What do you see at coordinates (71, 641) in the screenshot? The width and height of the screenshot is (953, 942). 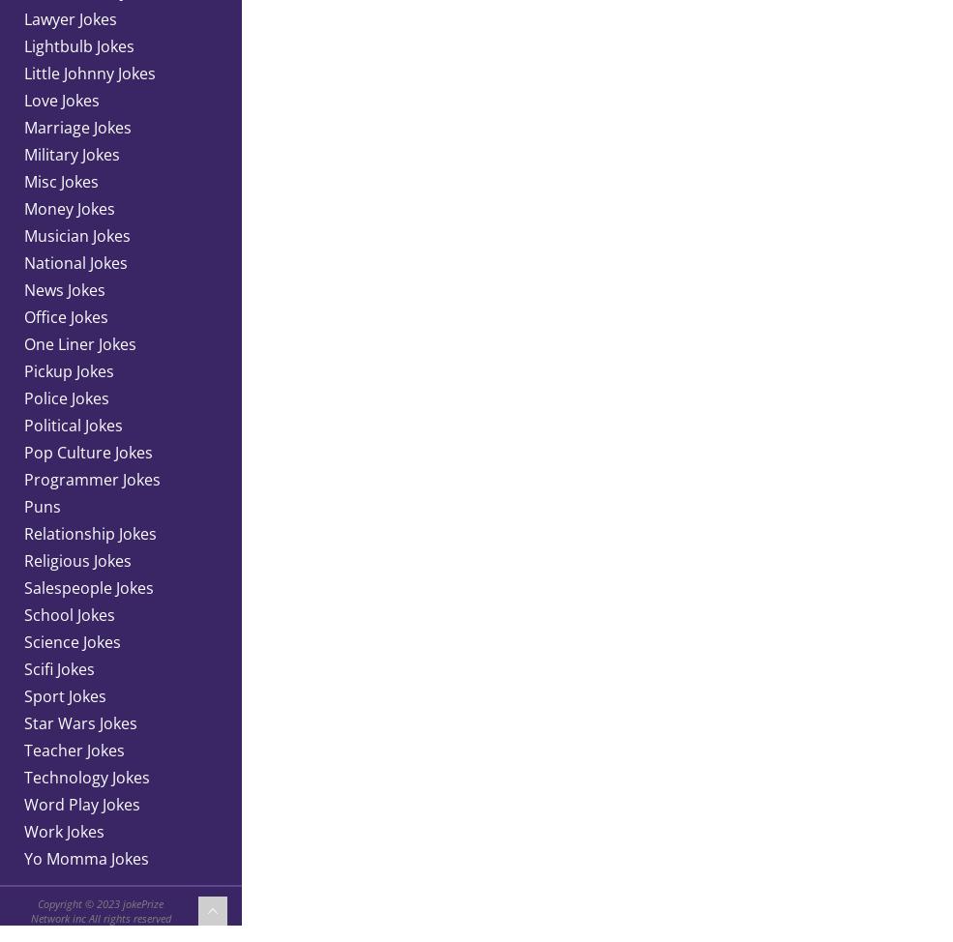 I see `'Science Jokes'` at bounding box center [71, 641].